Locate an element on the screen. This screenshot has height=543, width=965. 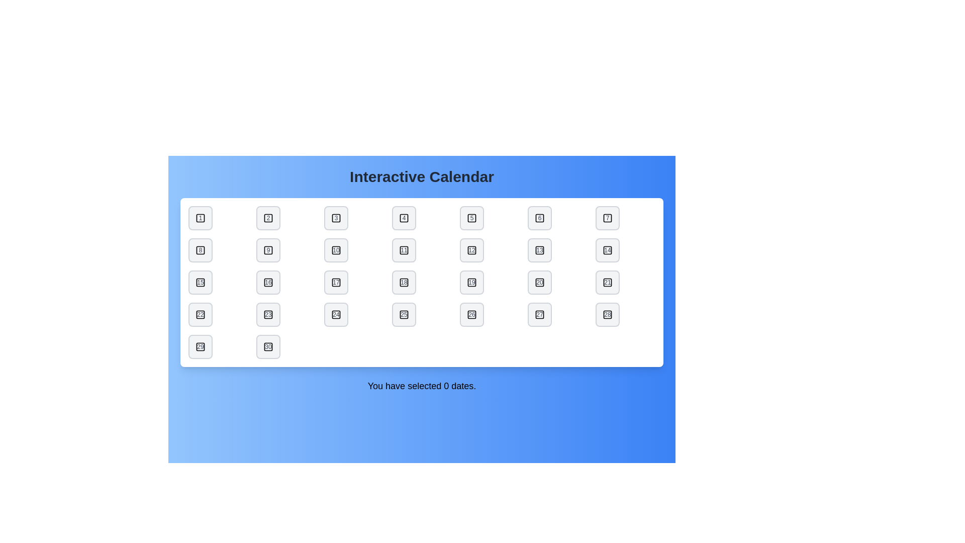
the date button labeled 14 to toggle its selection state is located at coordinates (607, 249).